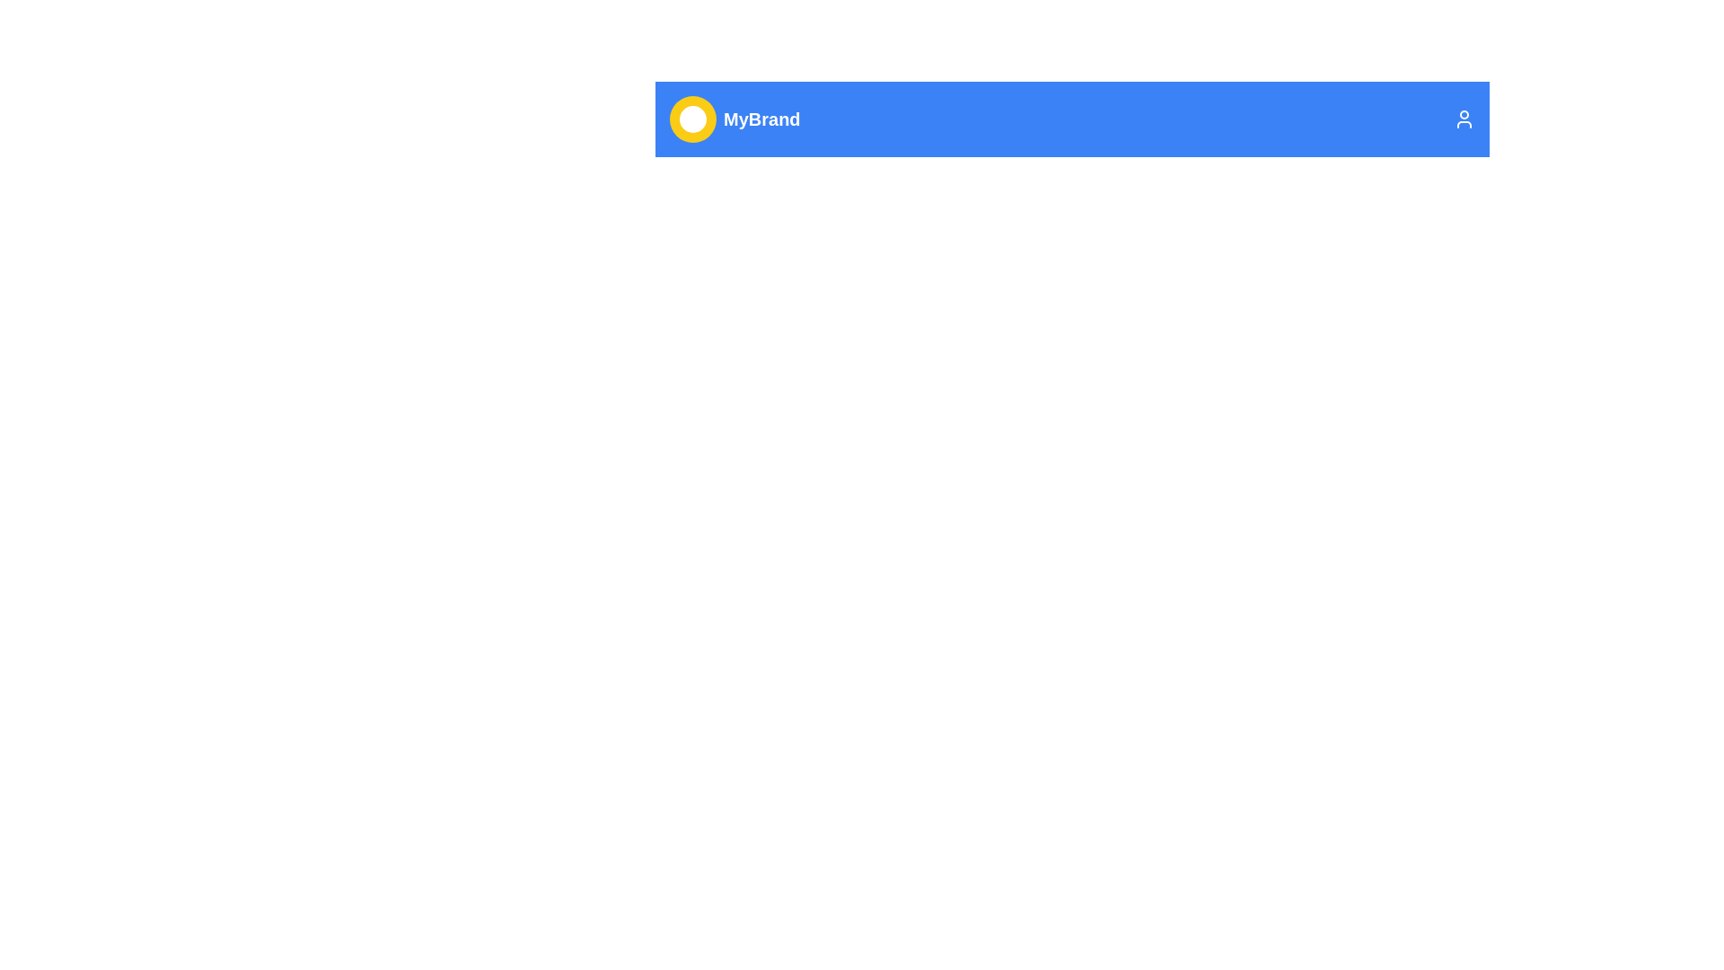  What do you see at coordinates (734, 119) in the screenshot?
I see `the Branding Logo with Text, which features a yellow circular logo on the left and the bold text 'MyBrand' on the right, located at the top of the page within the header bar` at bounding box center [734, 119].